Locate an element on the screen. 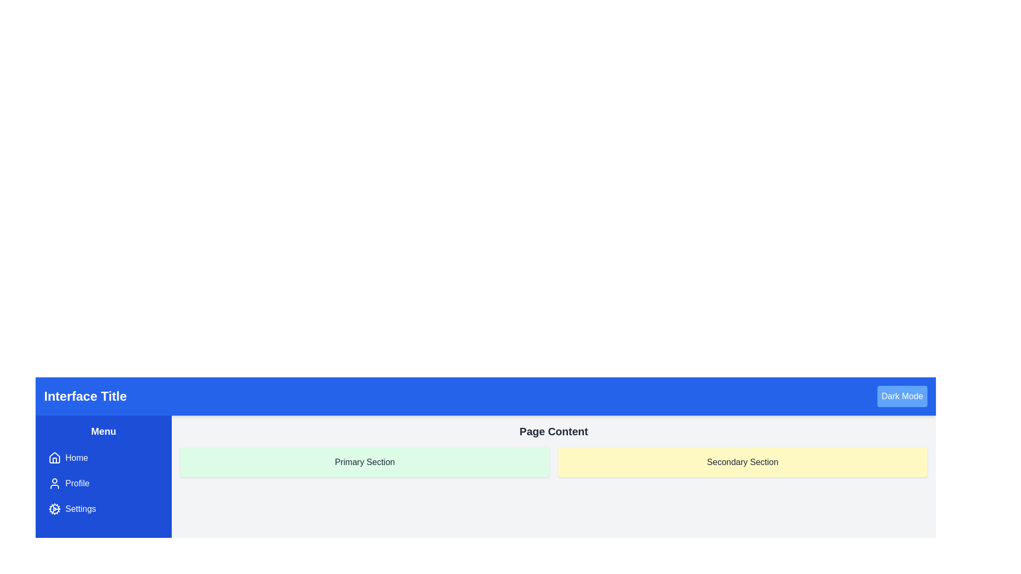 The width and height of the screenshot is (1021, 574). the theme switcher button located at the top-right corner of the interface is located at coordinates (901, 396).